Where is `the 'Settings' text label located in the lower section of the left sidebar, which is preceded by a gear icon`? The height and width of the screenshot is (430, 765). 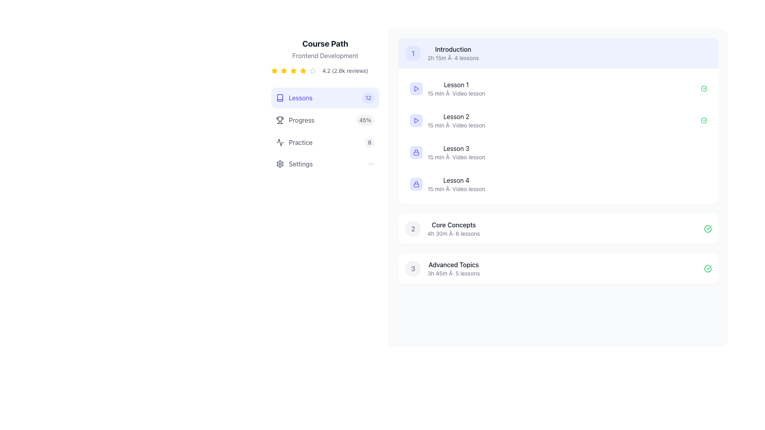 the 'Settings' text label located in the lower section of the left sidebar, which is preceded by a gear icon is located at coordinates (300, 164).